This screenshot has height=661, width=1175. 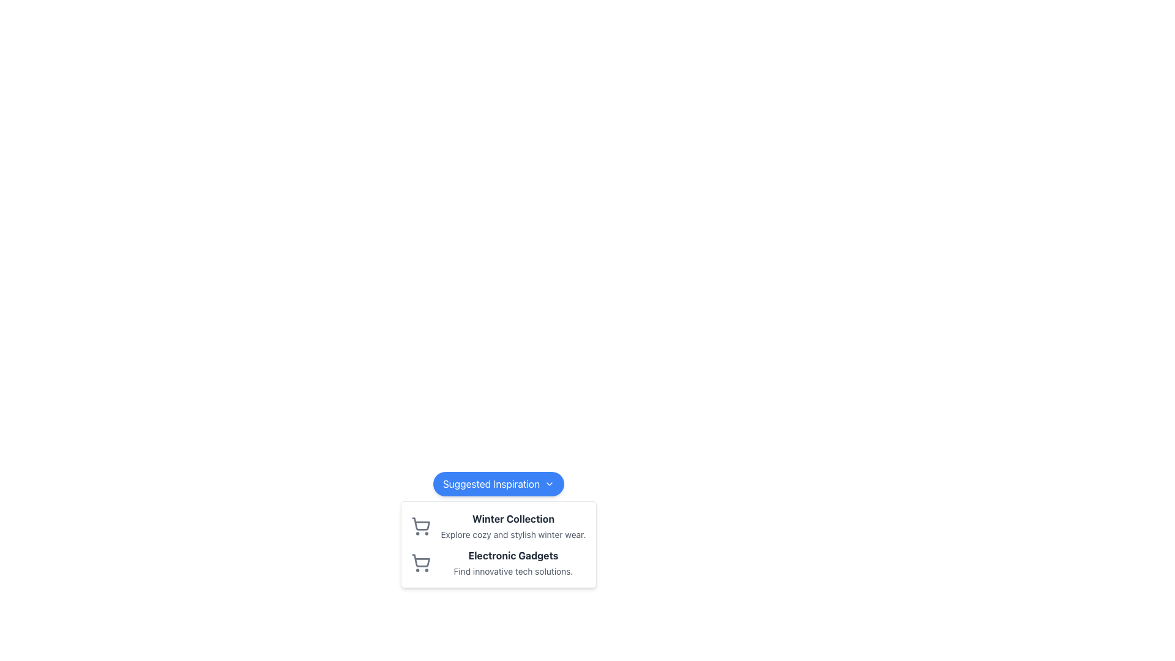 I want to click on the 'Electronic Gadgets' icon, which visually indicates the section for shopping or product selection related, so click(x=420, y=563).